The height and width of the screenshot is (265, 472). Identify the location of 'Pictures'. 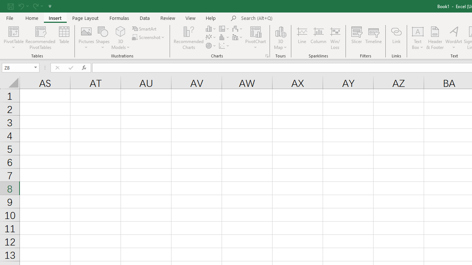
(86, 38).